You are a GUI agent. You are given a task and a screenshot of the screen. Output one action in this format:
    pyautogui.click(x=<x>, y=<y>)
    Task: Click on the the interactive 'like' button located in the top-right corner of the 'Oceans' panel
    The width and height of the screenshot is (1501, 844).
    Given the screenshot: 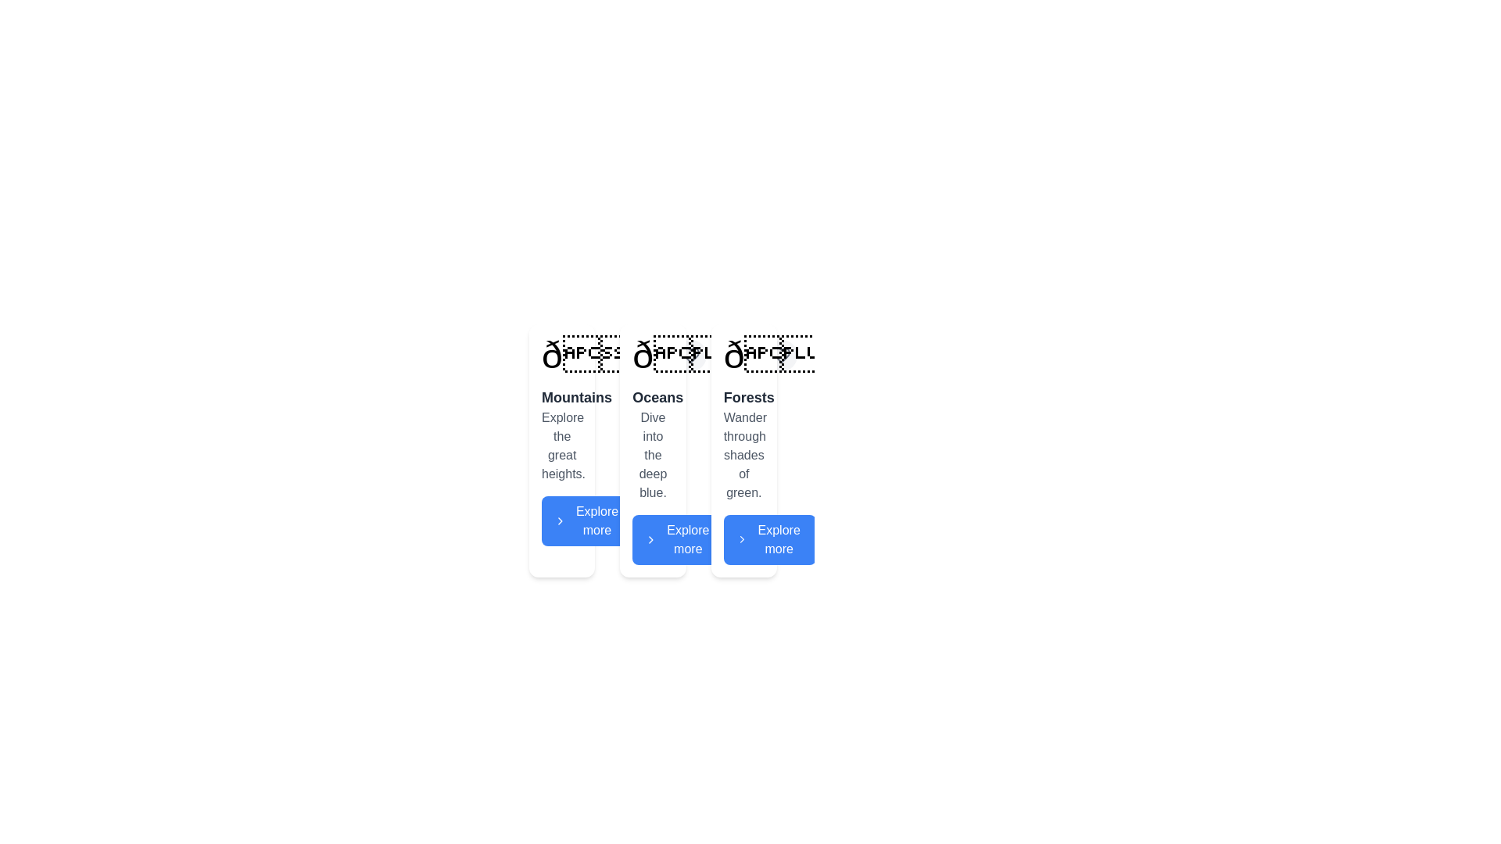 What is the action you would take?
    pyautogui.click(x=690, y=356)
    